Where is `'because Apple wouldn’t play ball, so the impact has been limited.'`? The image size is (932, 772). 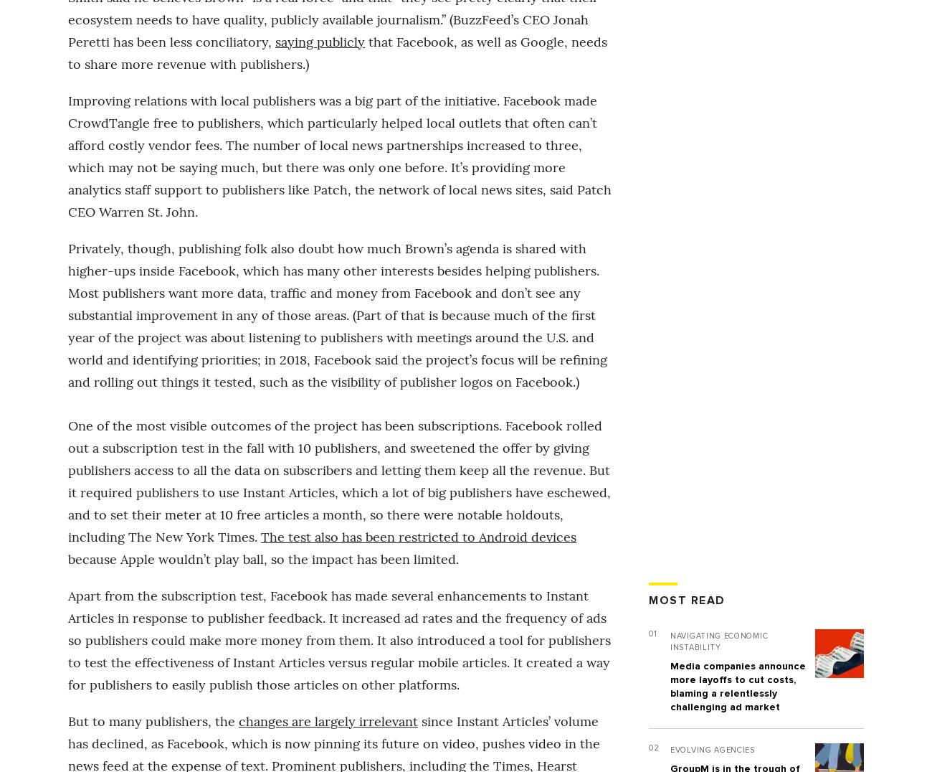 'because Apple wouldn’t play ball, so the impact has been limited.' is located at coordinates (68, 558).